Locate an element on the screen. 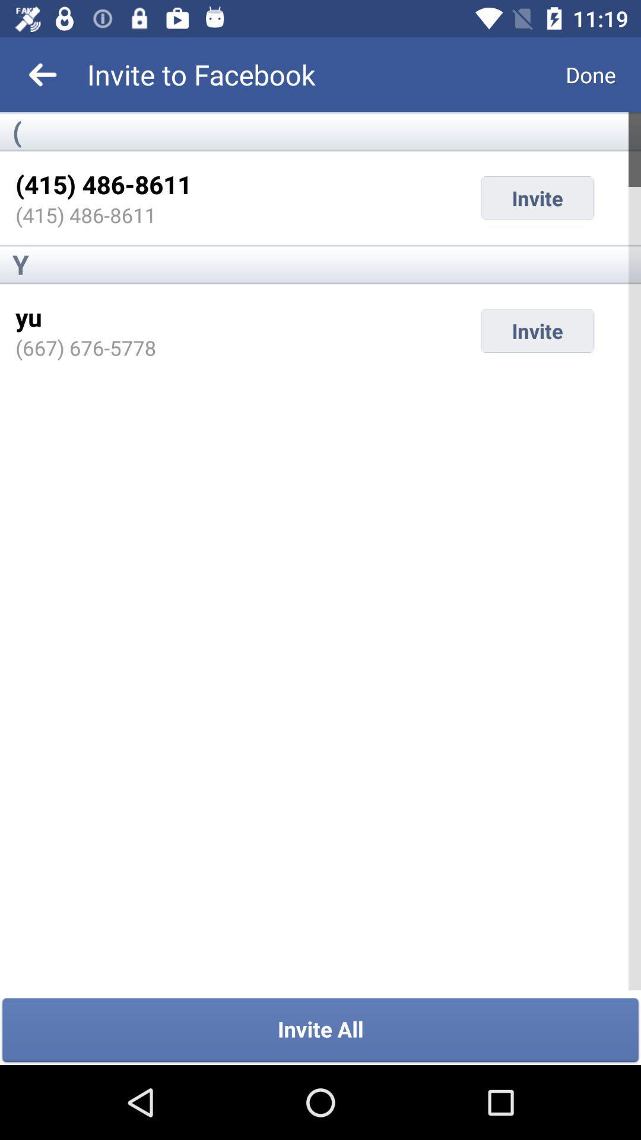  the item to the left of invite to facebook item is located at coordinates (43, 74).